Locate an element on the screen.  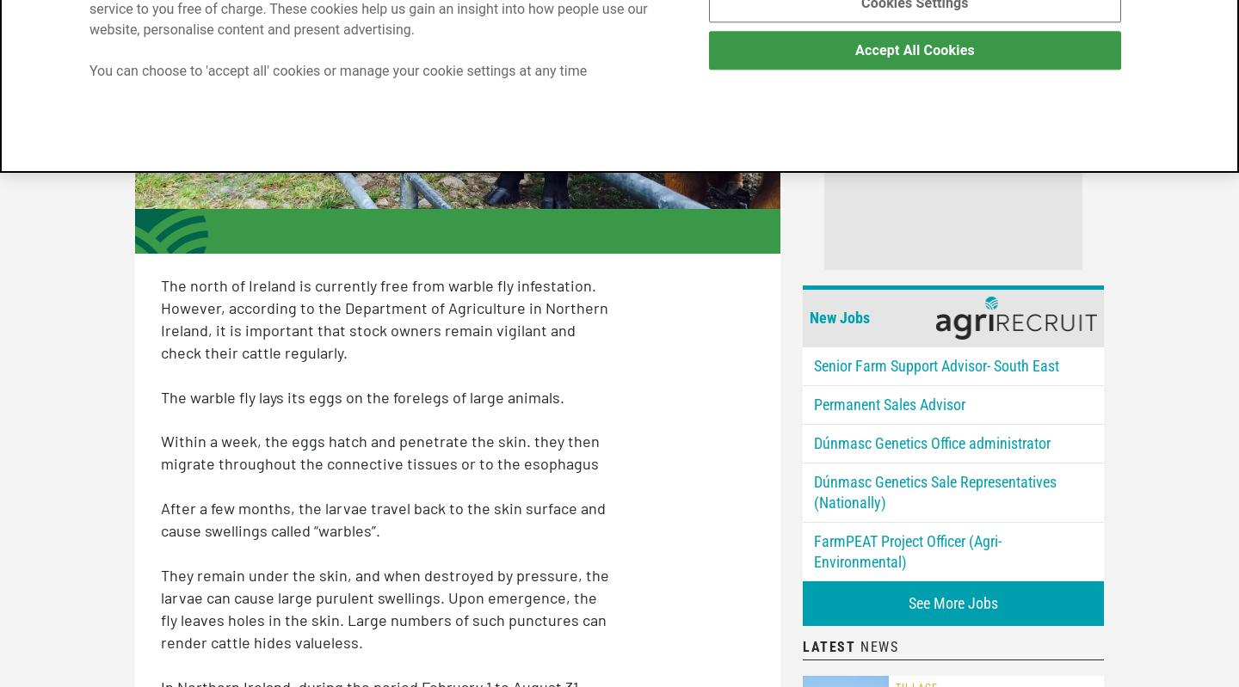
'The north of Ireland is currently free from warble fly infestation. However, according to the Department of Agriculture in Northern Ireland, it is important that stock owners remain vigilant and check their cattle regularly.' is located at coordinates (384, 318).